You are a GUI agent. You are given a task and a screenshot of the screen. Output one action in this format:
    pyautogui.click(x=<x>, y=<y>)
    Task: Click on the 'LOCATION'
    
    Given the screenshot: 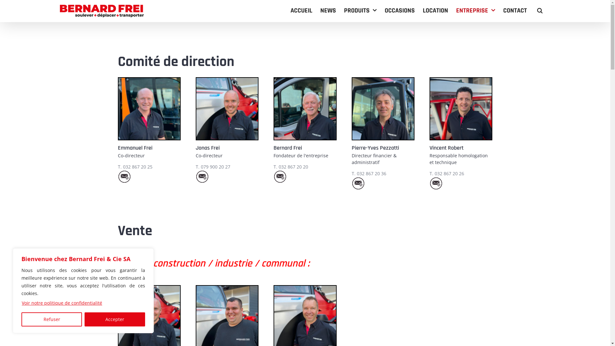 What is the action you would take?
    pyautogui.click(x=435, y=10)
    